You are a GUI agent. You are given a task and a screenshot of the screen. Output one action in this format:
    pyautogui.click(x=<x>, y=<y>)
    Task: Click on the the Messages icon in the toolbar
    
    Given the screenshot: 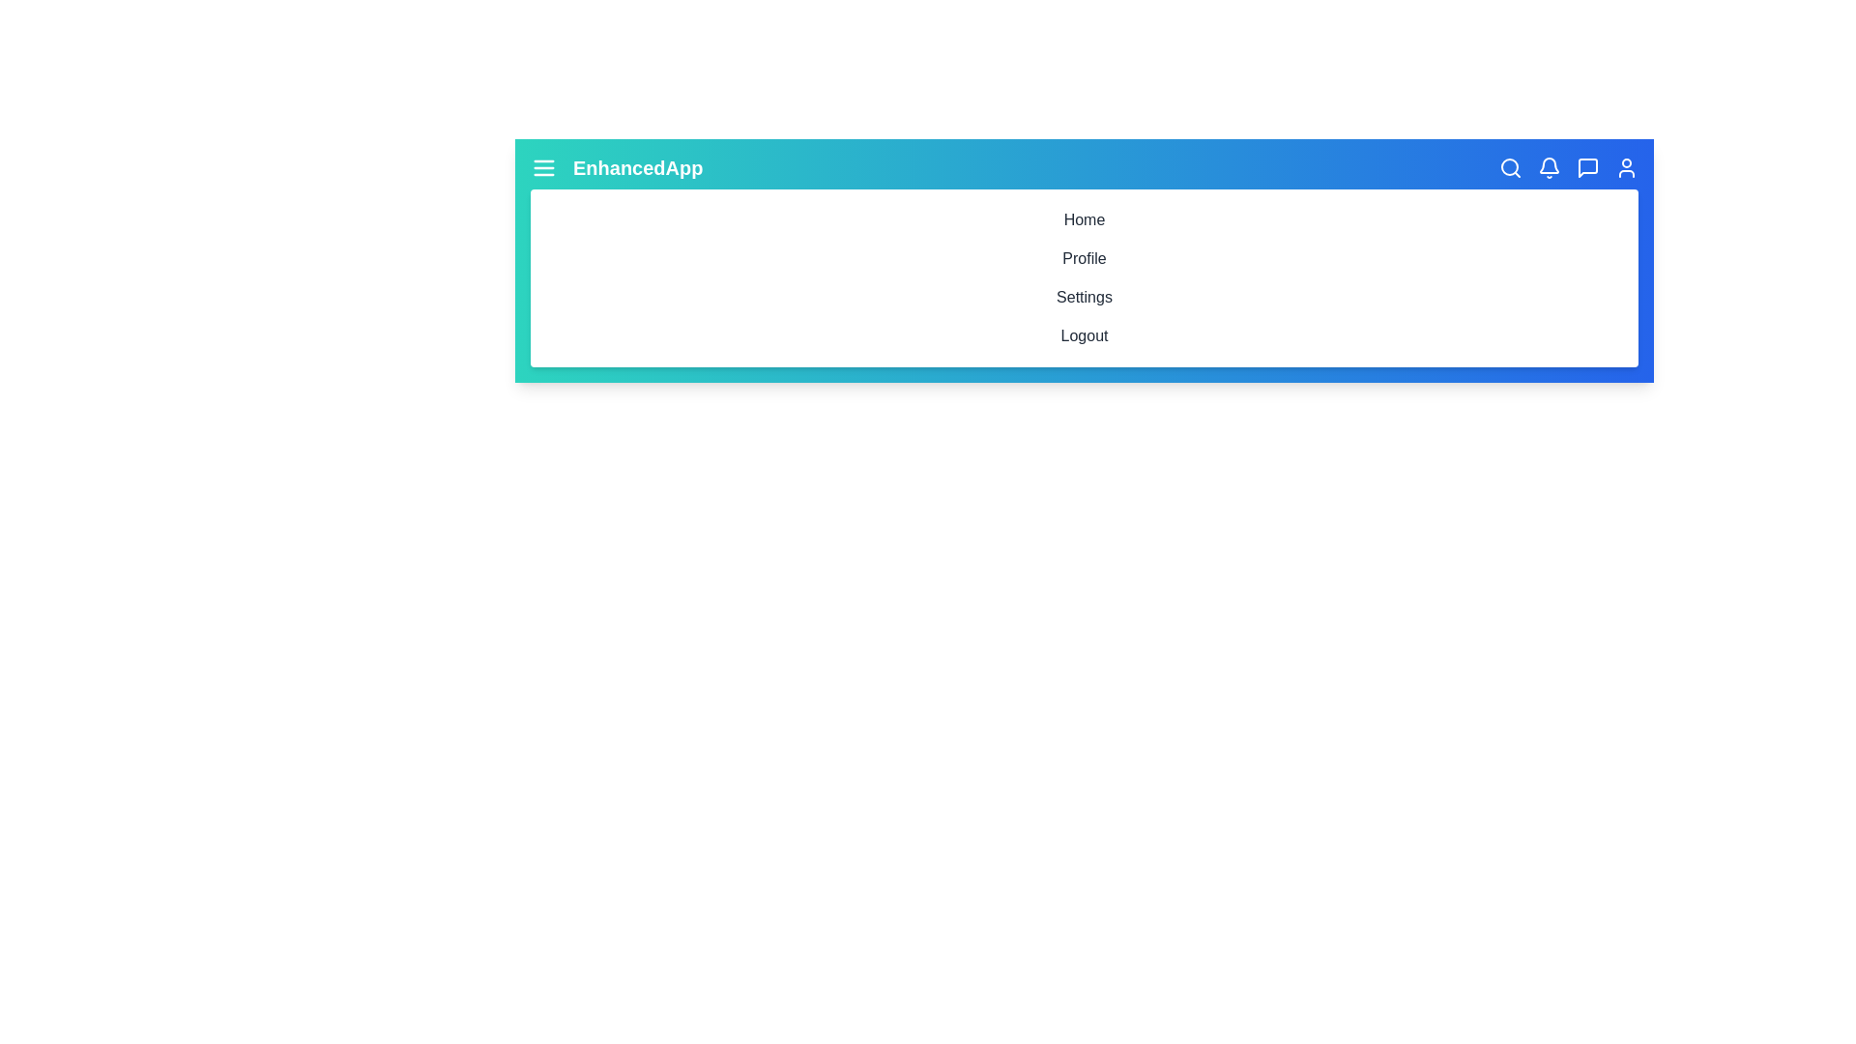 What is the action you would take?
    pyautogui.click(x=1587, y=166)
    